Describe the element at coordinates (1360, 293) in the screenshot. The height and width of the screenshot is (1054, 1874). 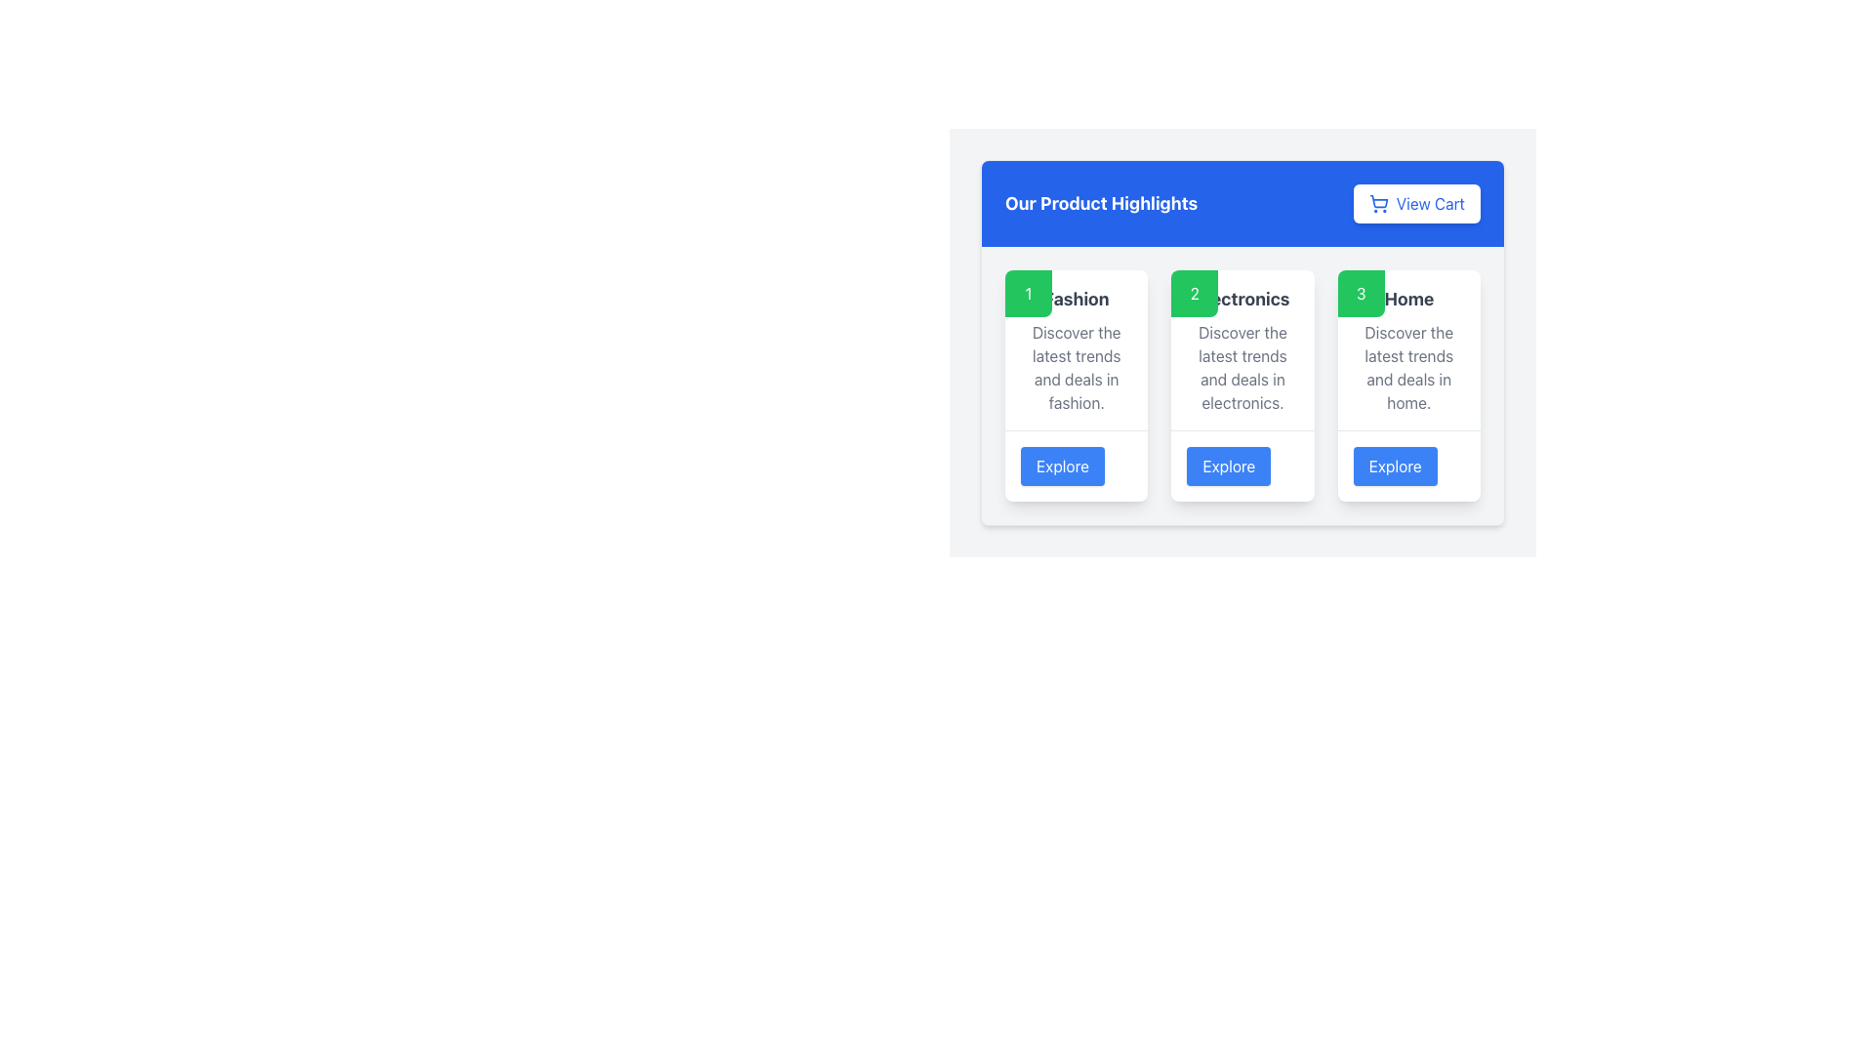
I see `the green badge displaying the number '3' located in the top-left corner of the 'Home' card` at that location.